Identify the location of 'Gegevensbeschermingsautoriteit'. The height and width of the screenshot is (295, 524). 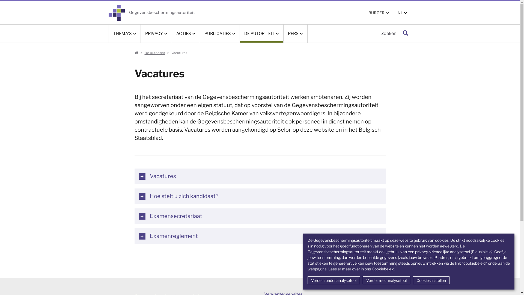
(152, 12).